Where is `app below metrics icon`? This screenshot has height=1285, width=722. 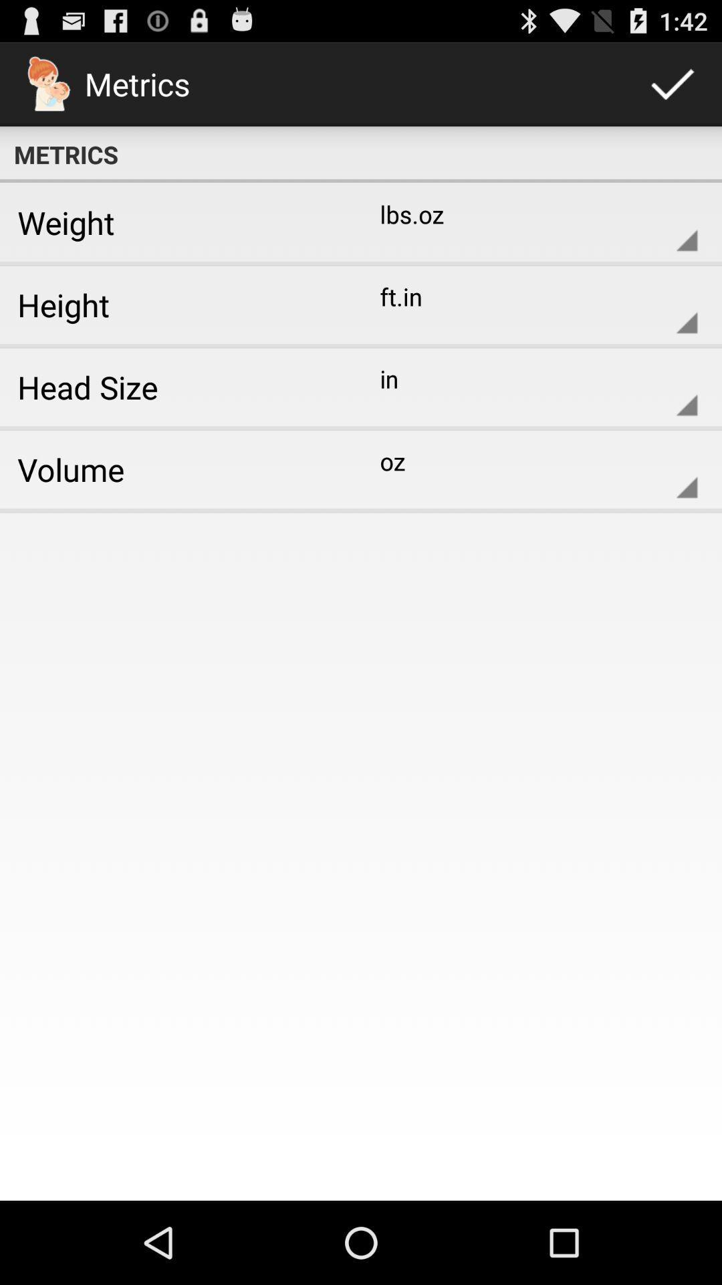 app below metrics icon is located at coordinates (175, 222).